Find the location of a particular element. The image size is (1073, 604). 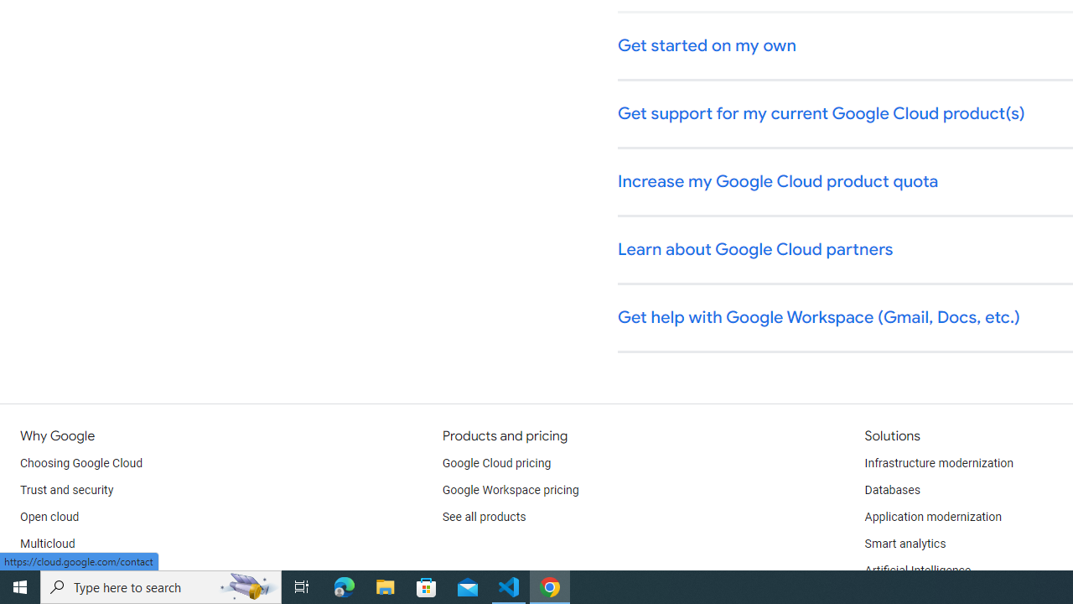

'Choosing Google Cloud' is located at coordinates (80, 463).